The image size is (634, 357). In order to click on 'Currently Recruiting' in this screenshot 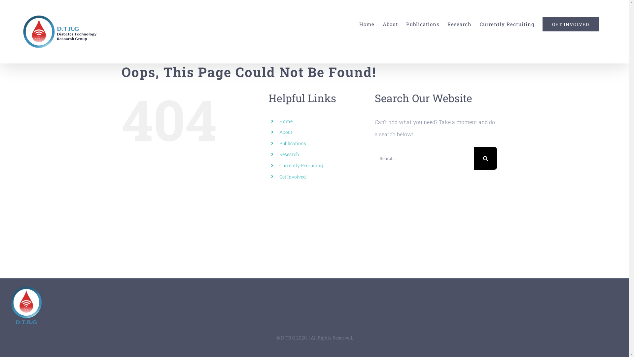, I will do `click(507, 24)`.